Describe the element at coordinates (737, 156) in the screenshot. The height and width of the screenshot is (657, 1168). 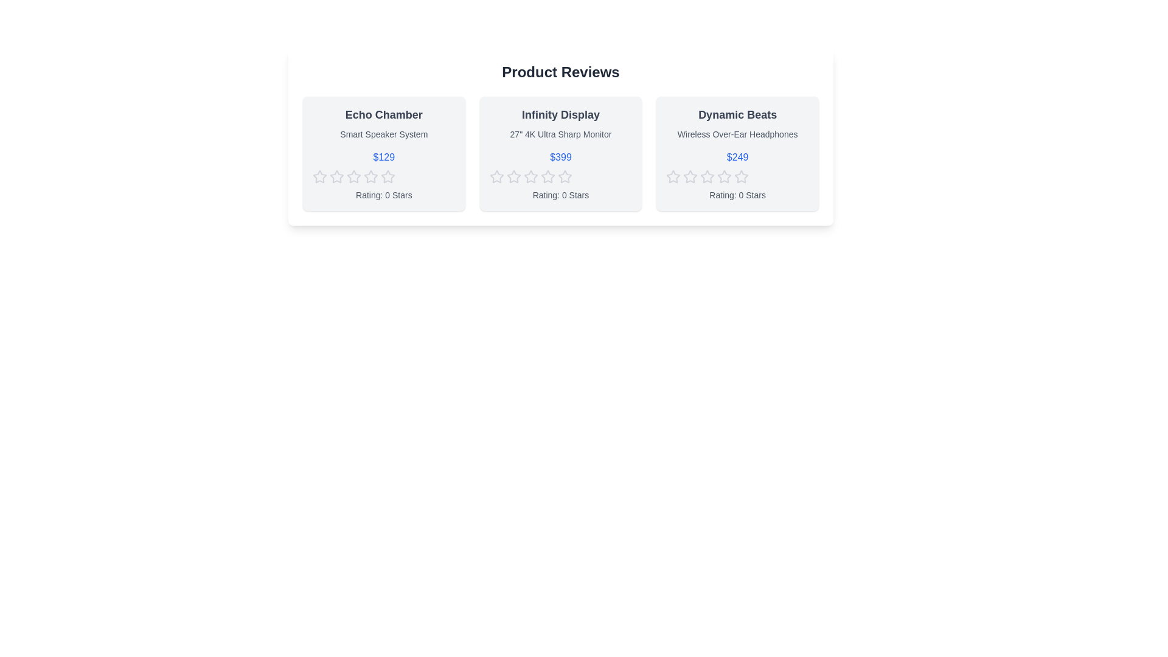
I see `the text element displaying the price '$249' in a medium-weight blue font, located within the third product card, below the product description and above the rating stars` at that location.